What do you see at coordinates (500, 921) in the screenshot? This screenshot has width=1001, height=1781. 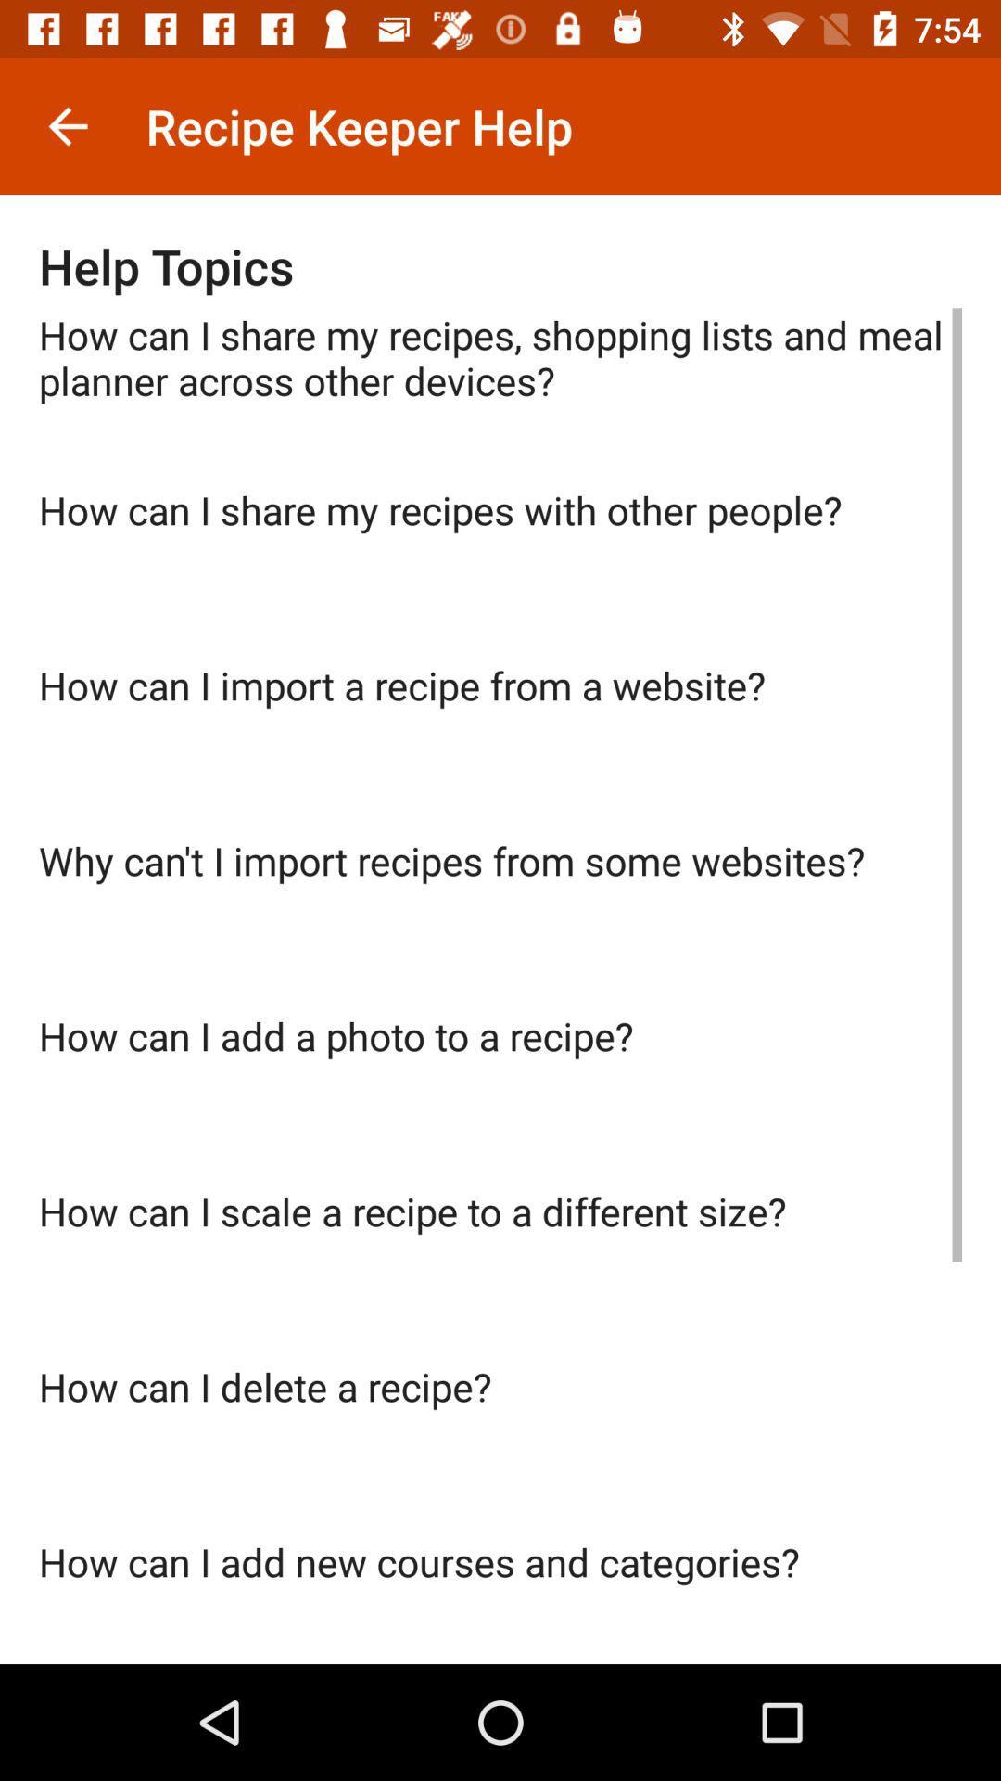 I see `the why can t` at bounding box center [500, 921].